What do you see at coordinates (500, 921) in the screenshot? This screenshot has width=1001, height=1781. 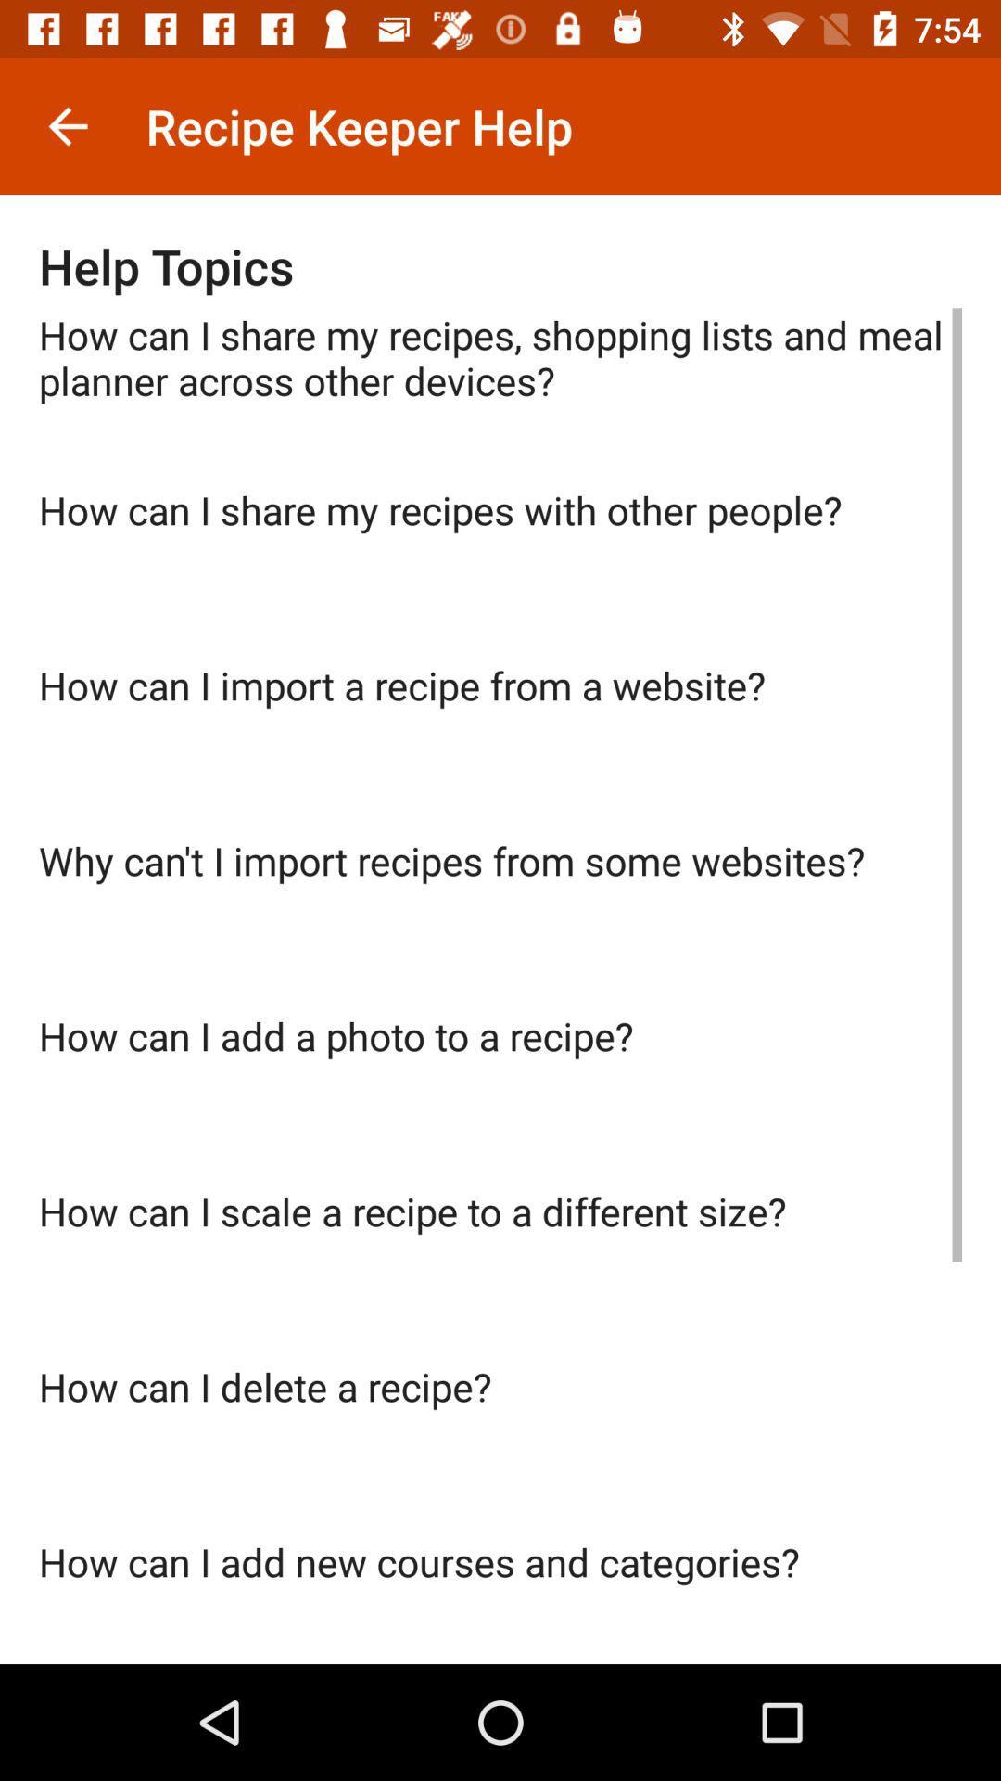 I see `the why can t` at bounding box center [500, 921].